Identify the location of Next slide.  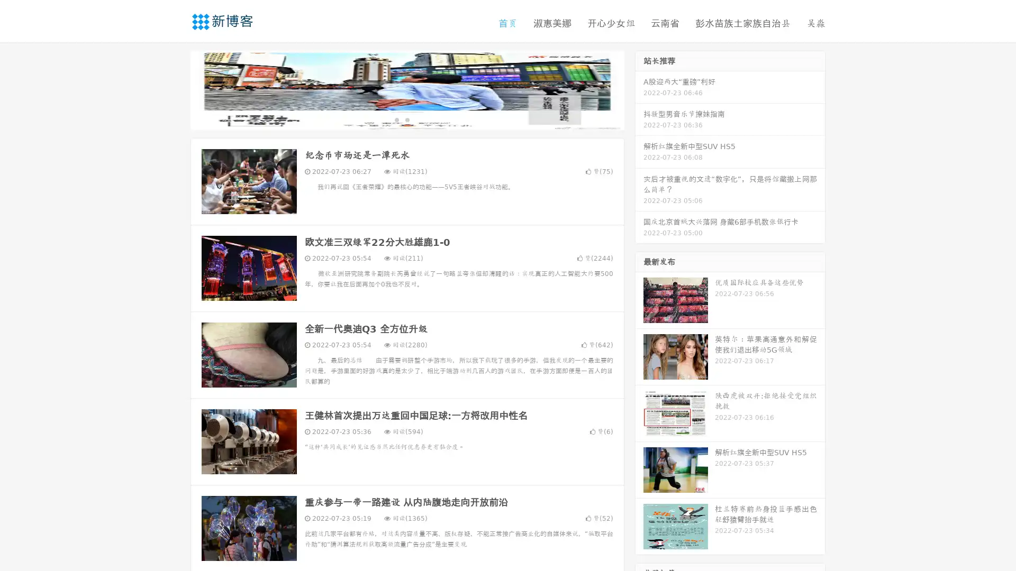
(639, 89).